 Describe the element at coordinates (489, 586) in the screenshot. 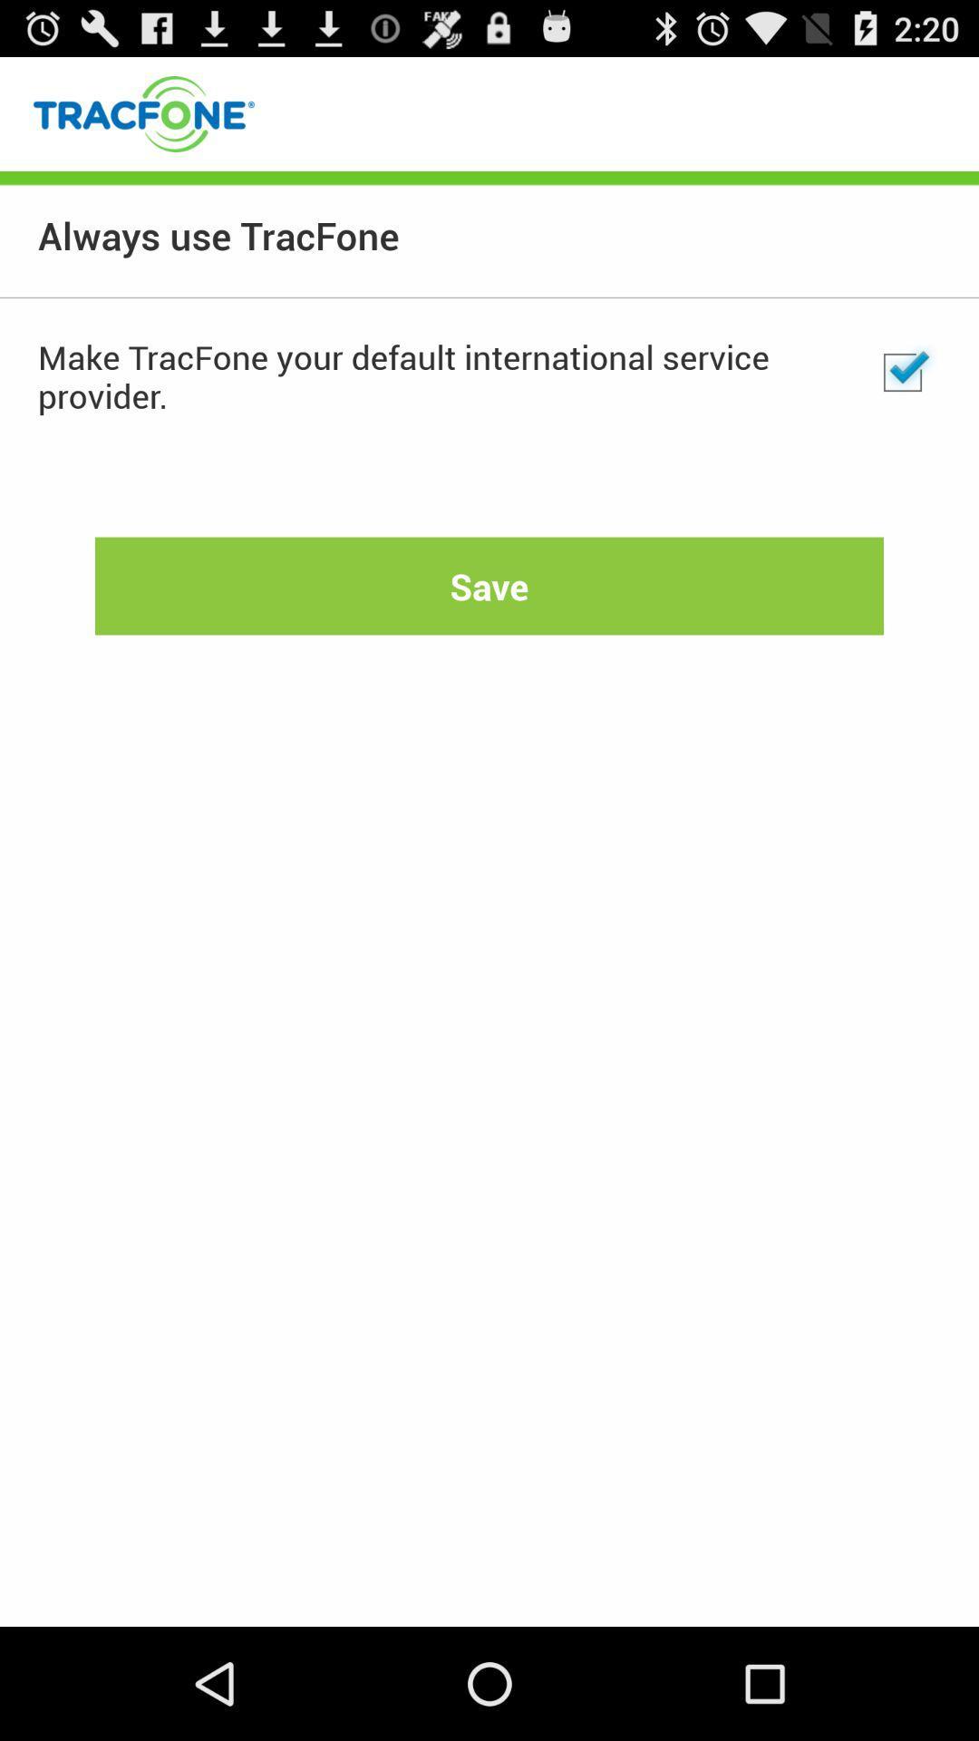

I see `the item at the center` at that location.